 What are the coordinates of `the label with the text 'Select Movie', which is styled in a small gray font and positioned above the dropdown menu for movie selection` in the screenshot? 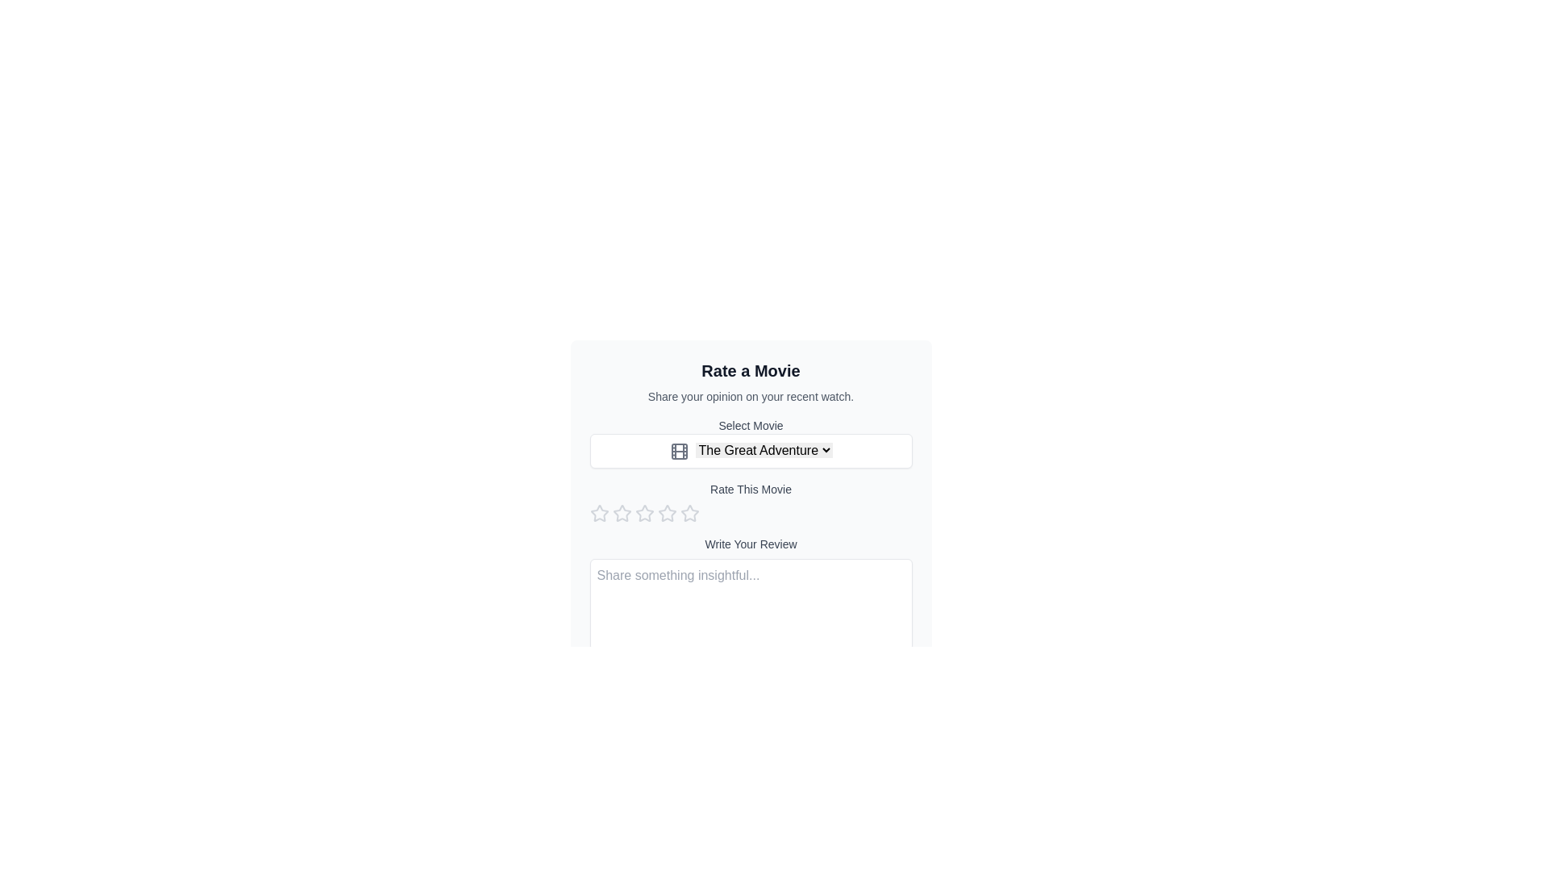 It's located at (750, 425).